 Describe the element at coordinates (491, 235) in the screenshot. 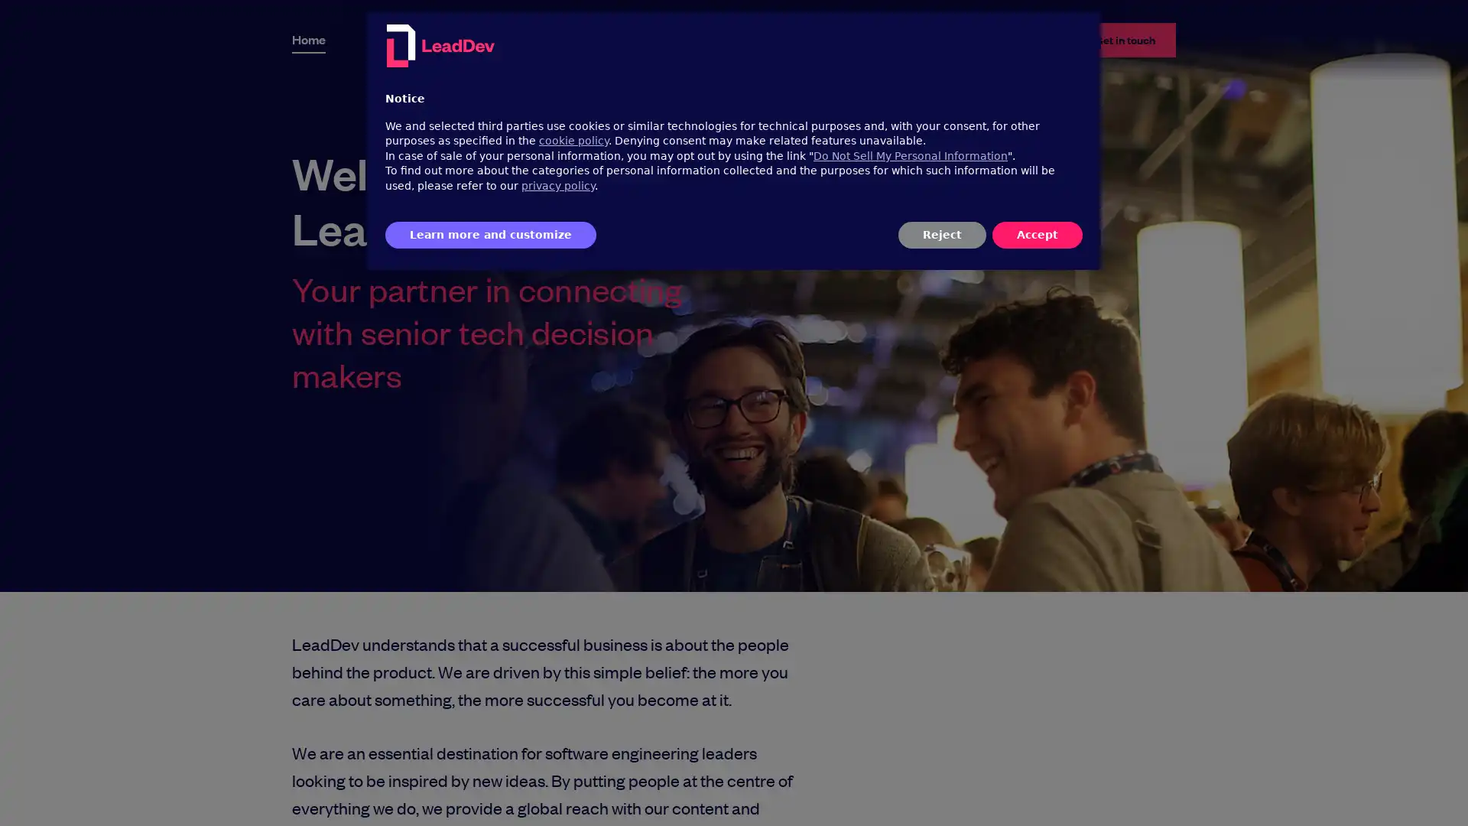

I see `Learn more and customize` at that location.